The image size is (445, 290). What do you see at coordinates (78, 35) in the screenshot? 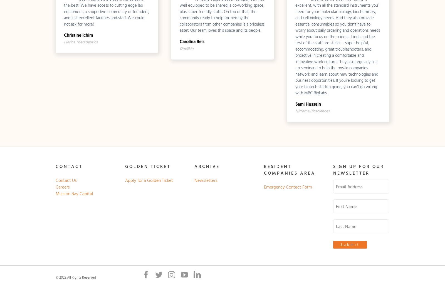
I see `'Christine Ichim'` at bounding box center [78, 35].